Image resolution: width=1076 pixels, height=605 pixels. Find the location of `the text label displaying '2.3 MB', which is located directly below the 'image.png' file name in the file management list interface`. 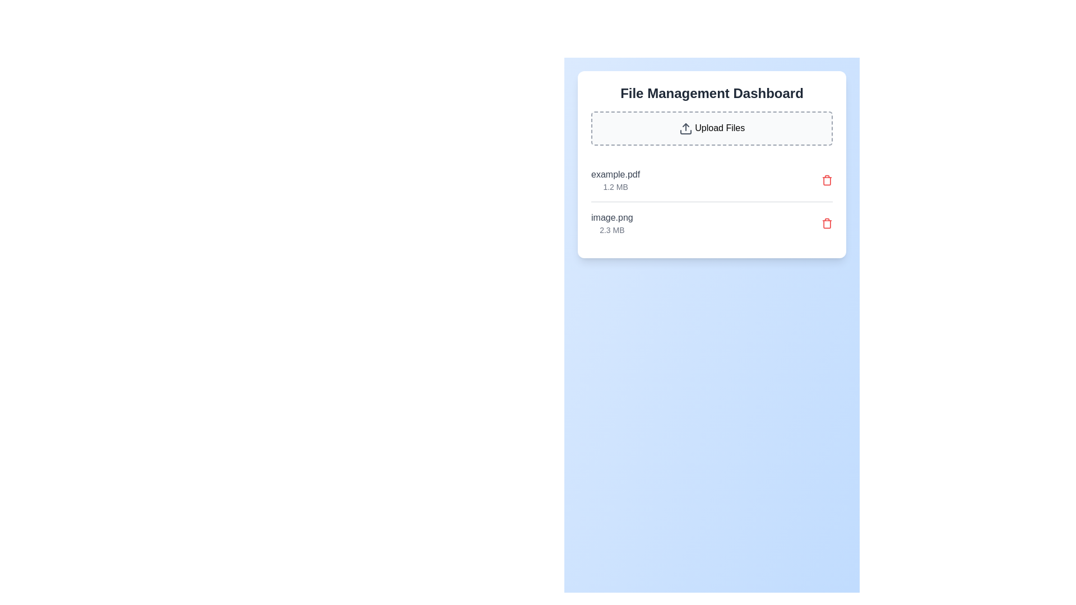

the text label displaying '2.3 MB', which is located directly below the 'image.png' file name in the file management list interface is located at coordinates (611, 229).